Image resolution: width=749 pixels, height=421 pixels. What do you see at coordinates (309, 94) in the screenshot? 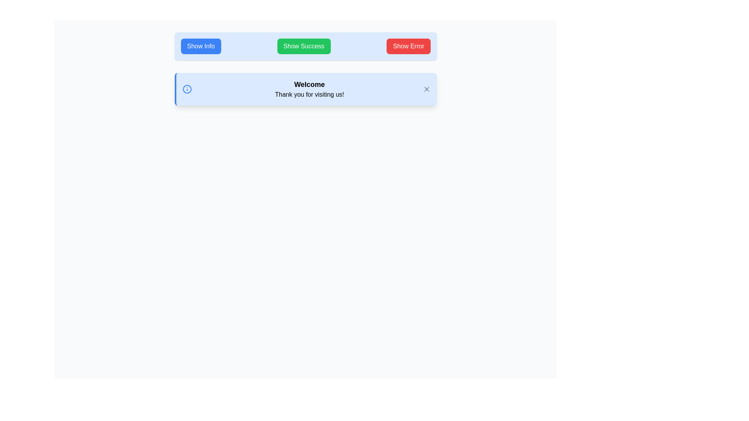
I see `the text element displaying 'Thank you for visiting us!' which is centrally aligned below the 'Welcome' label in a card-like component` at bounding box center [309, 94].